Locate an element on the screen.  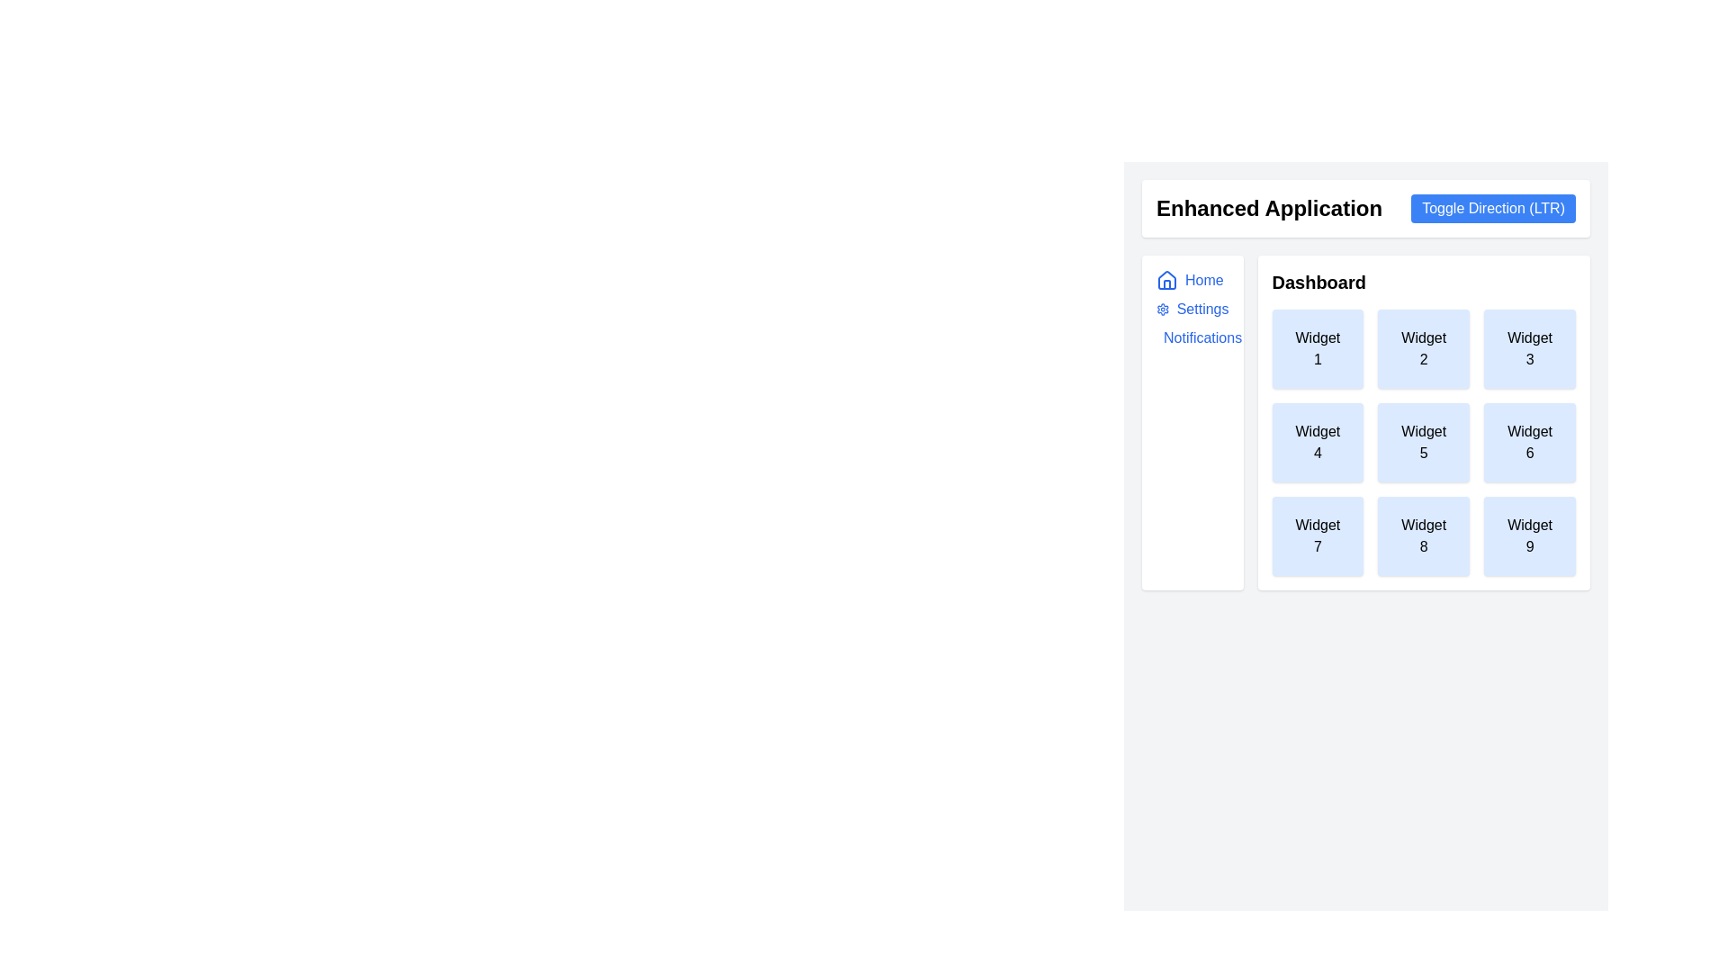
the informational widget card located in the bottom-right corner of the Dashboard section, which is the last tile in a 3x3 grid layout is located at coordinates (1529, 535).